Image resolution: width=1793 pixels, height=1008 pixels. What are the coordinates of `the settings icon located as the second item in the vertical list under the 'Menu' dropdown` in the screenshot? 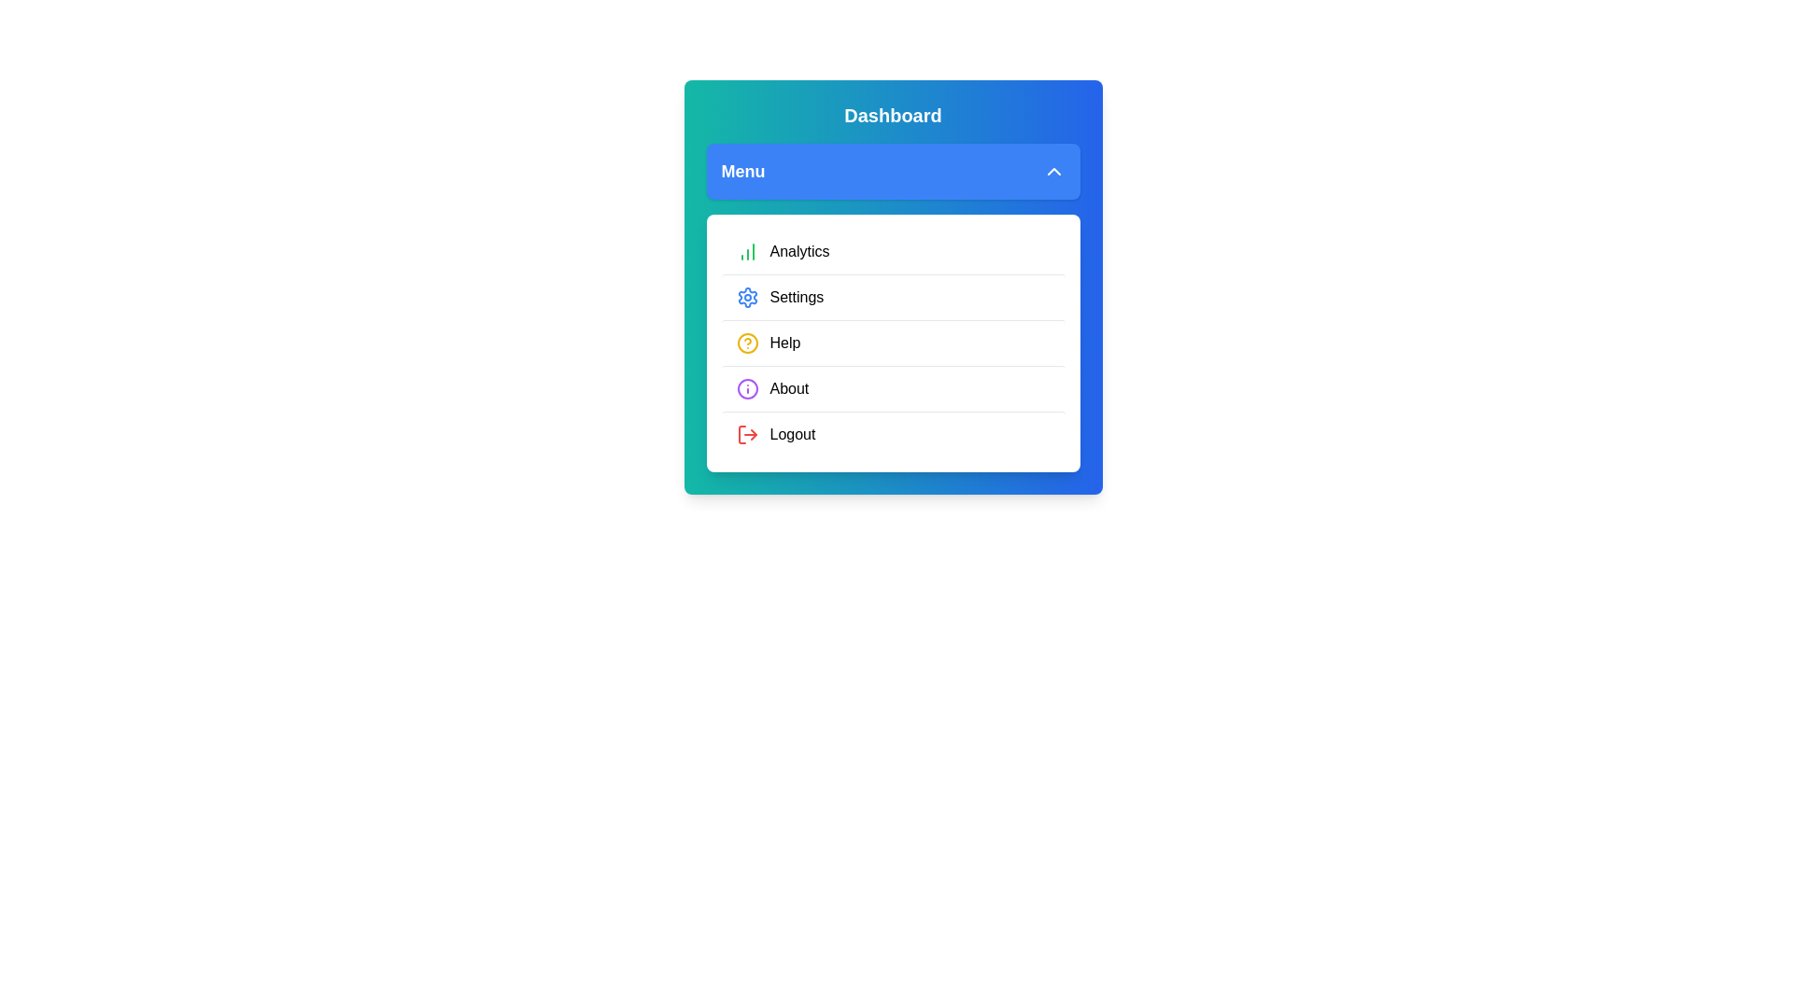 It's located at (747, 297).